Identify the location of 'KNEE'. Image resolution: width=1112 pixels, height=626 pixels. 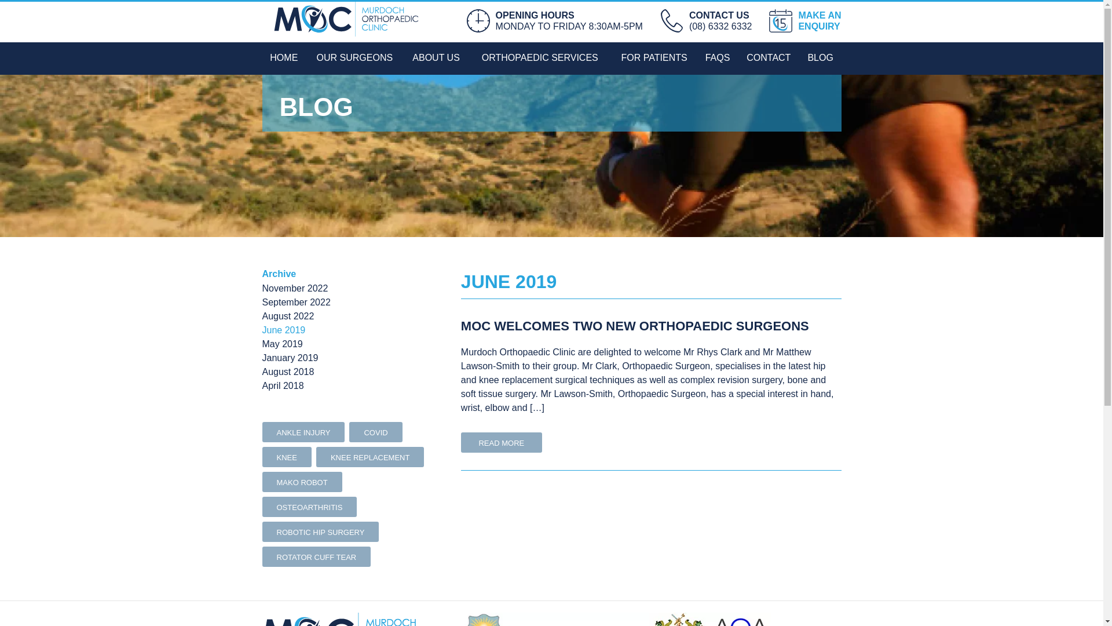
(261, 456).